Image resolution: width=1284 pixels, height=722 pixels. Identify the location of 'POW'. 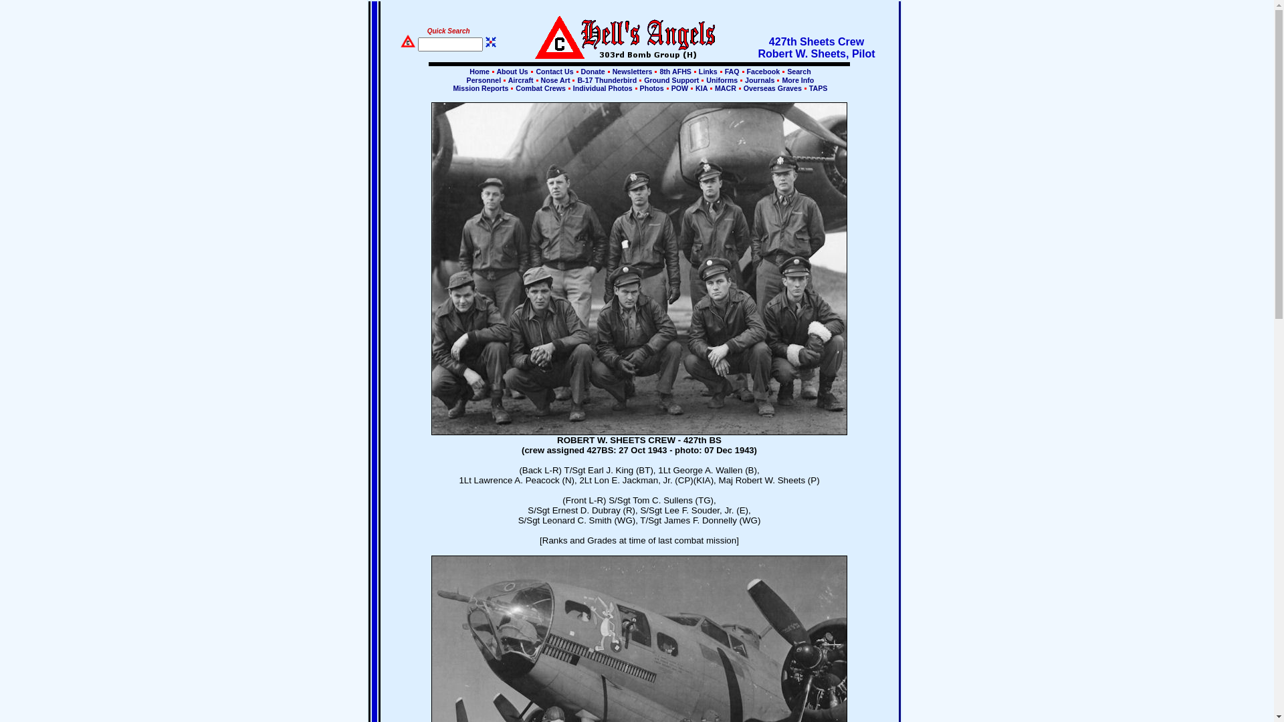
(679, 88).